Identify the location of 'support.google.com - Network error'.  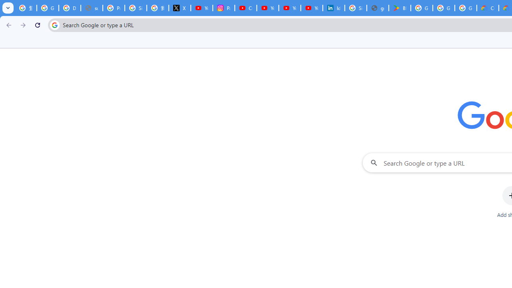
(92, 8).